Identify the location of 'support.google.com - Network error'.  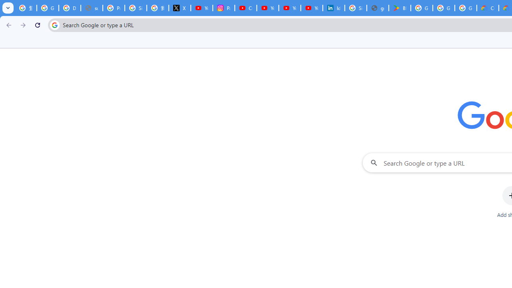
(92, 8).